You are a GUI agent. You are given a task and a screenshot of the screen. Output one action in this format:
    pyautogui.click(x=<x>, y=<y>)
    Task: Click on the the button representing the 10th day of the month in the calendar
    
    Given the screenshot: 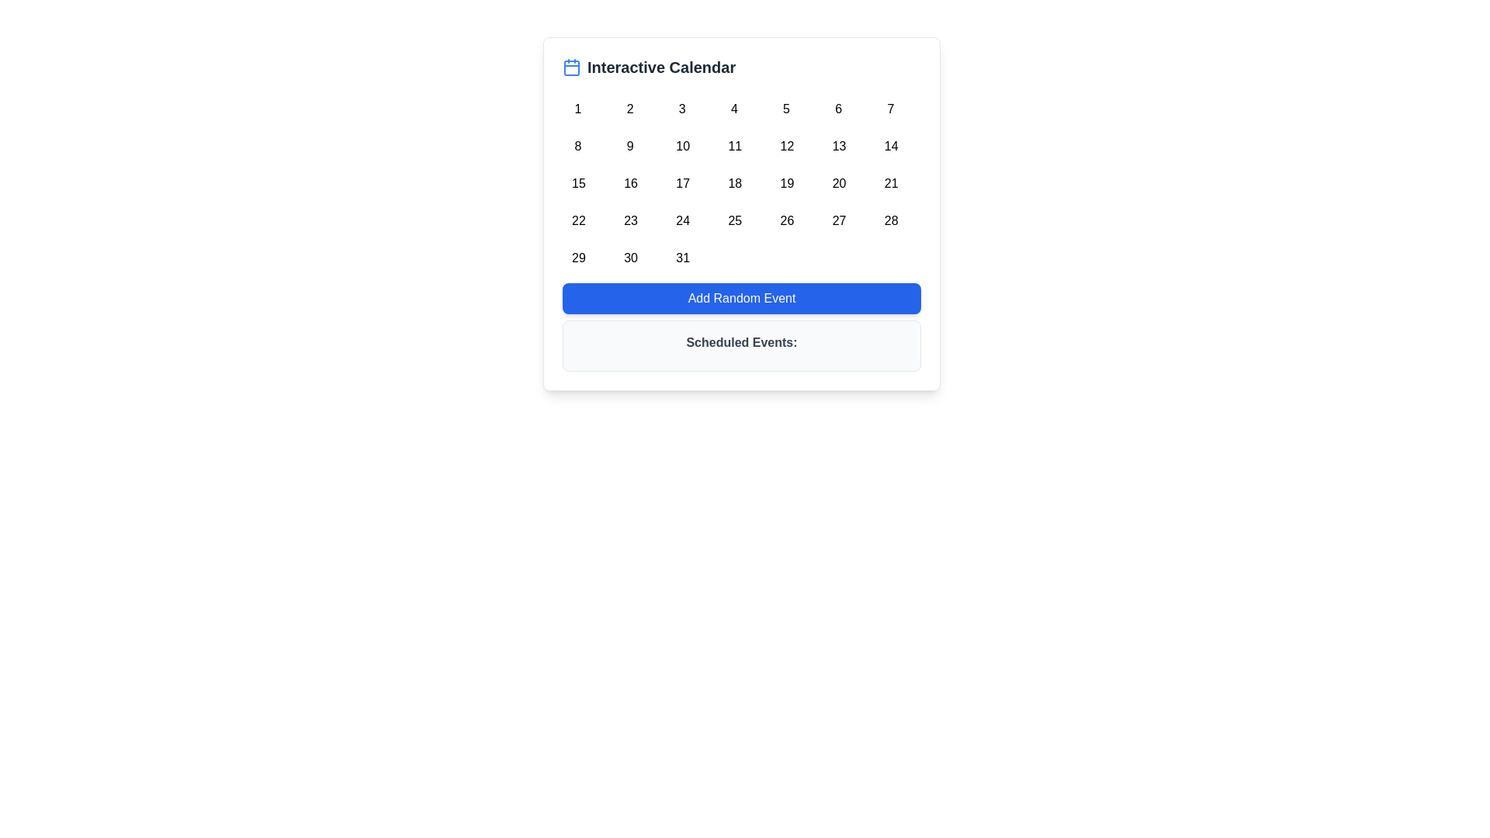 What is the action you would take?
    pyautogui.click(x=682, y=144)
    